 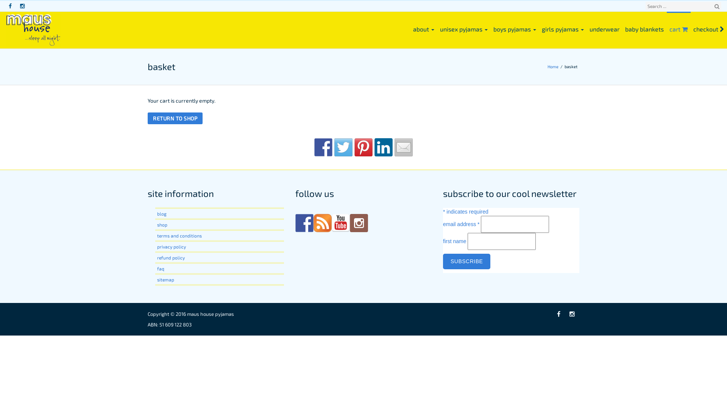 I want to click on 'Share on Twitter', so click(x=343, y=147).